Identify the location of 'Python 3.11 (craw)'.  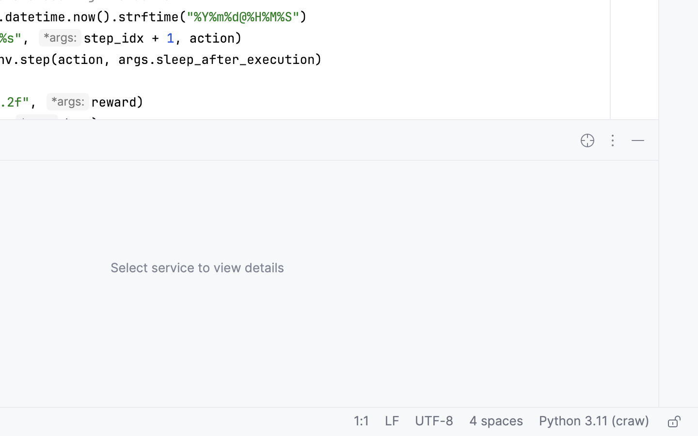
(594, 422).